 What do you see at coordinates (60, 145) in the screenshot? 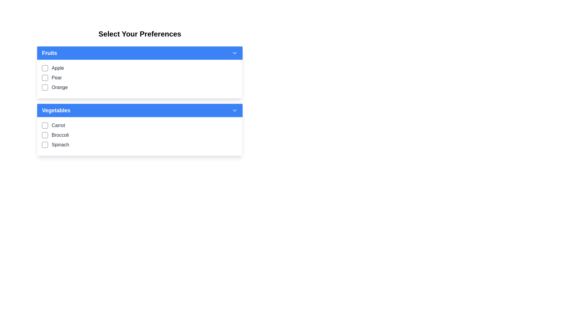
I see `text label 'Spinach' which is the third item in the 'Vegetables' list, adjacent to its associated checkbox` at bounding box center [60, 145].